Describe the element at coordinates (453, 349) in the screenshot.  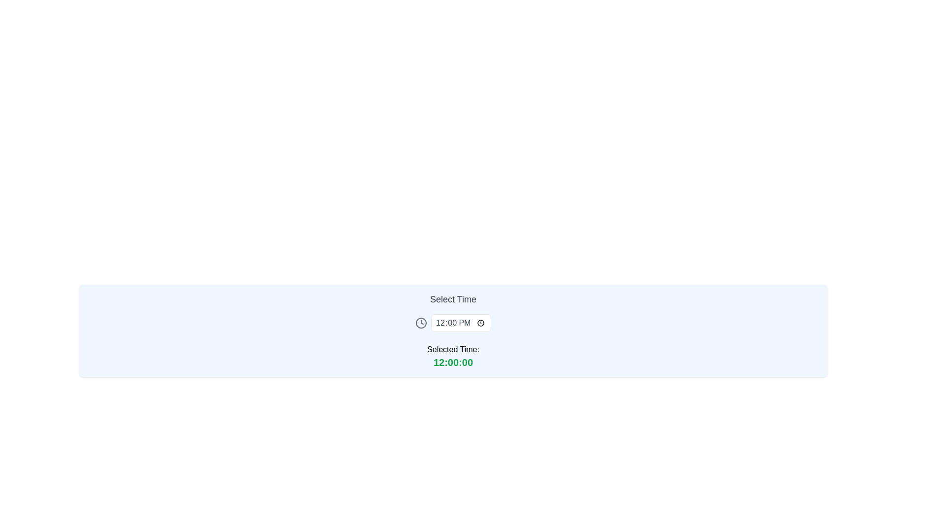
I see `the Text Label indicating 'Selected Time:' which displays the purpose of the value '12:00:00' below it` at that location.